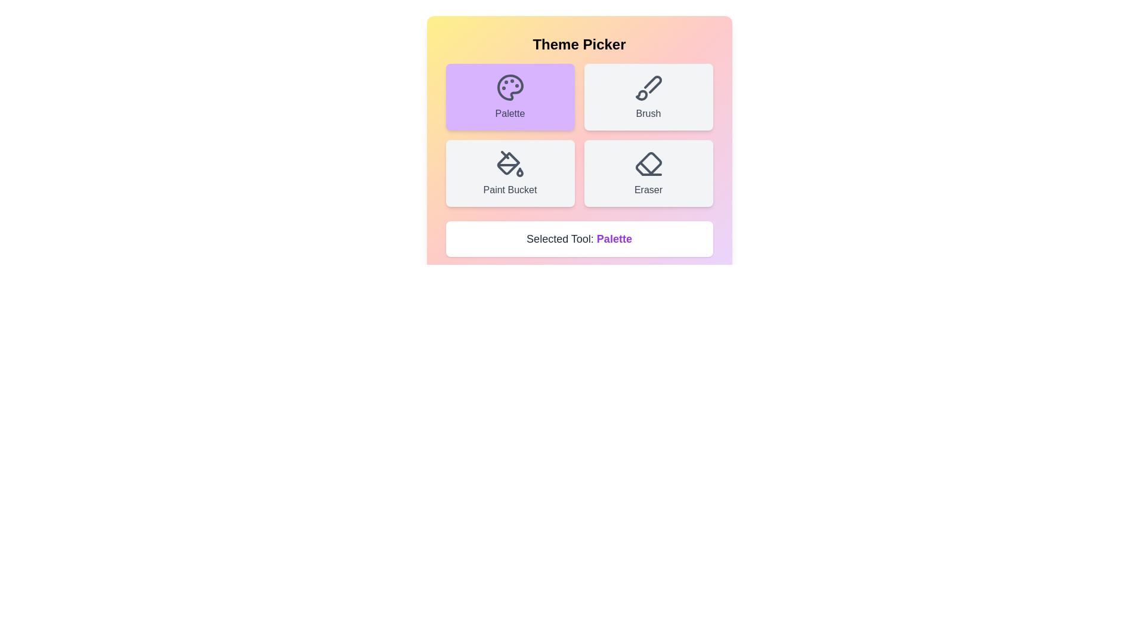  I want to click on the Paint Bucket button to select the corresponding tool, so click(510, 173).